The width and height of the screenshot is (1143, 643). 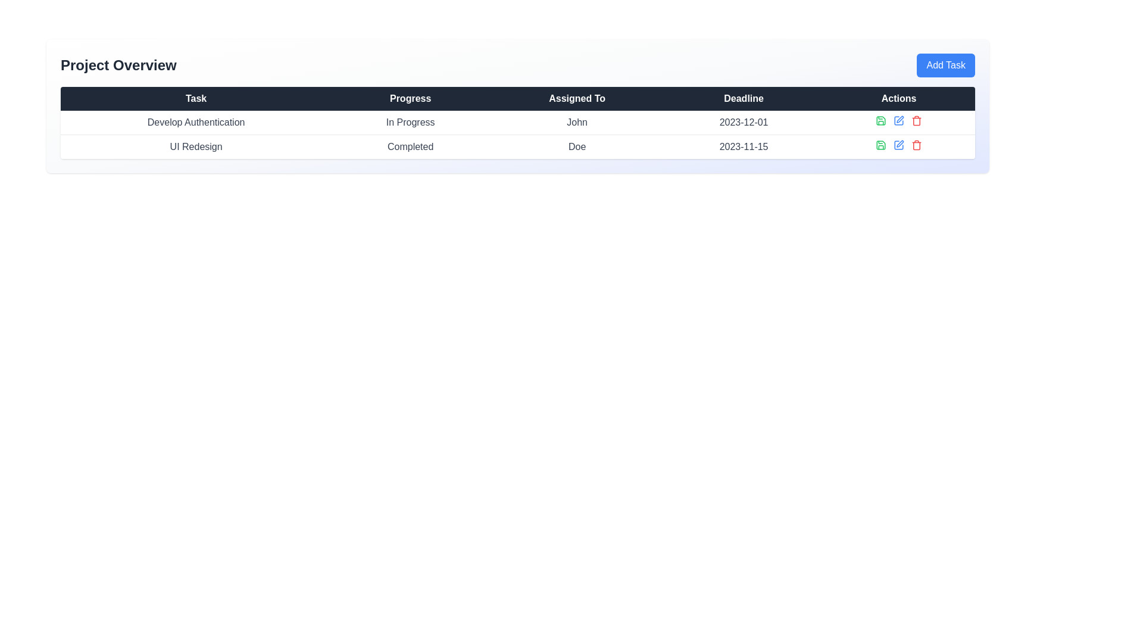 I want to click on the pen icon button located in the 'Actions' column for the task 'Develop Authentication', which signifies an edit action, so click(x=900, y=119).